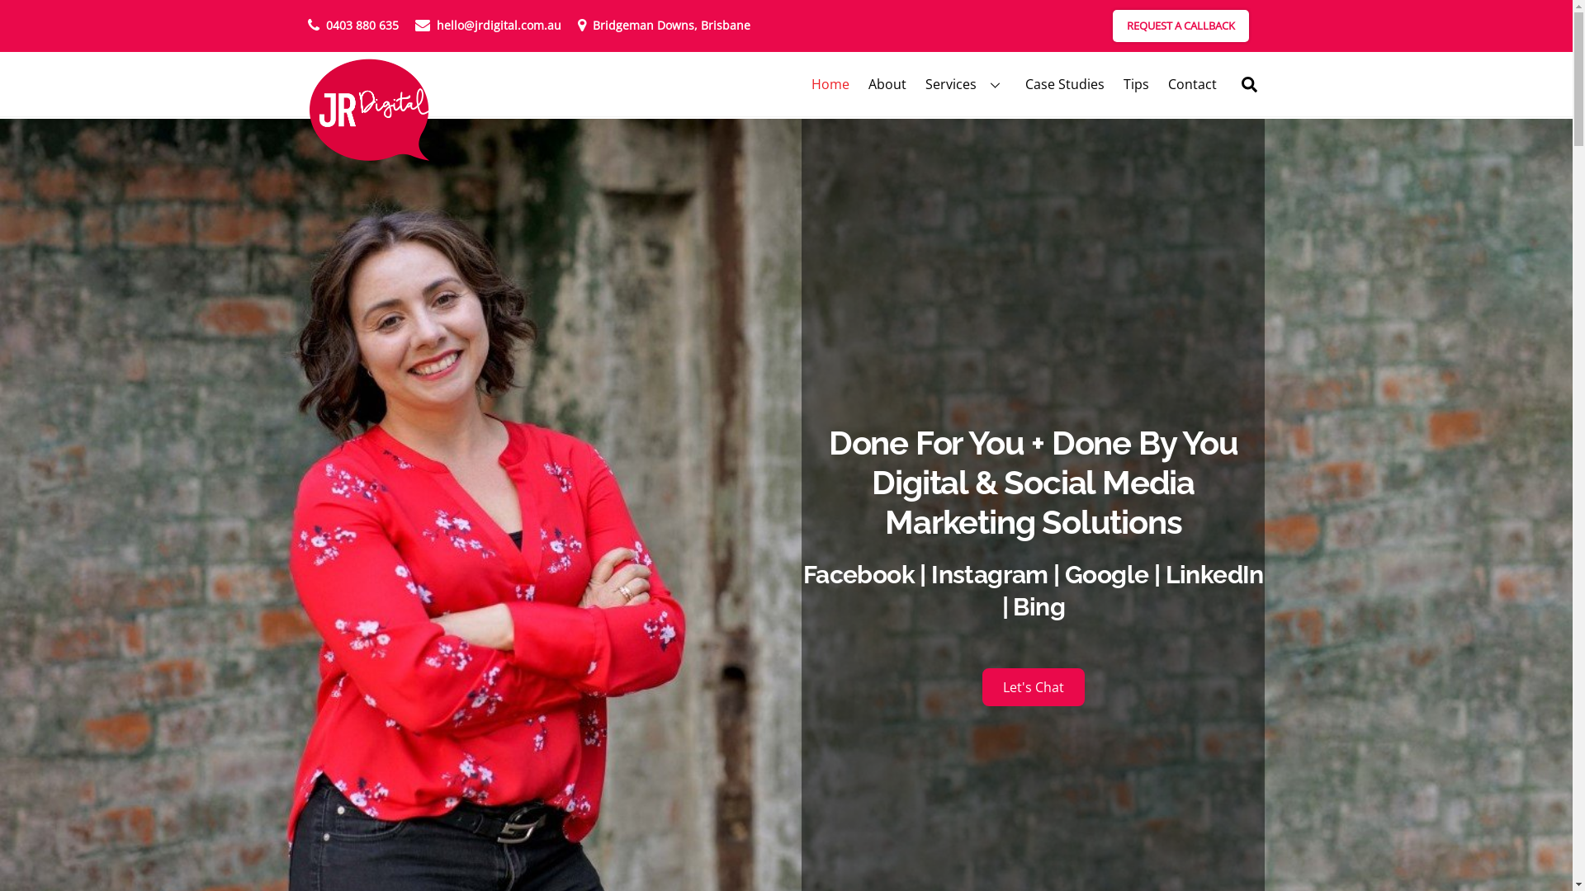  I want to click on 'Contact', so click(1192, 83).